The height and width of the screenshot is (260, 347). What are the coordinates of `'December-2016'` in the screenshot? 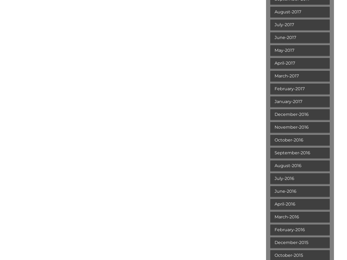 It's located at (291, 114).